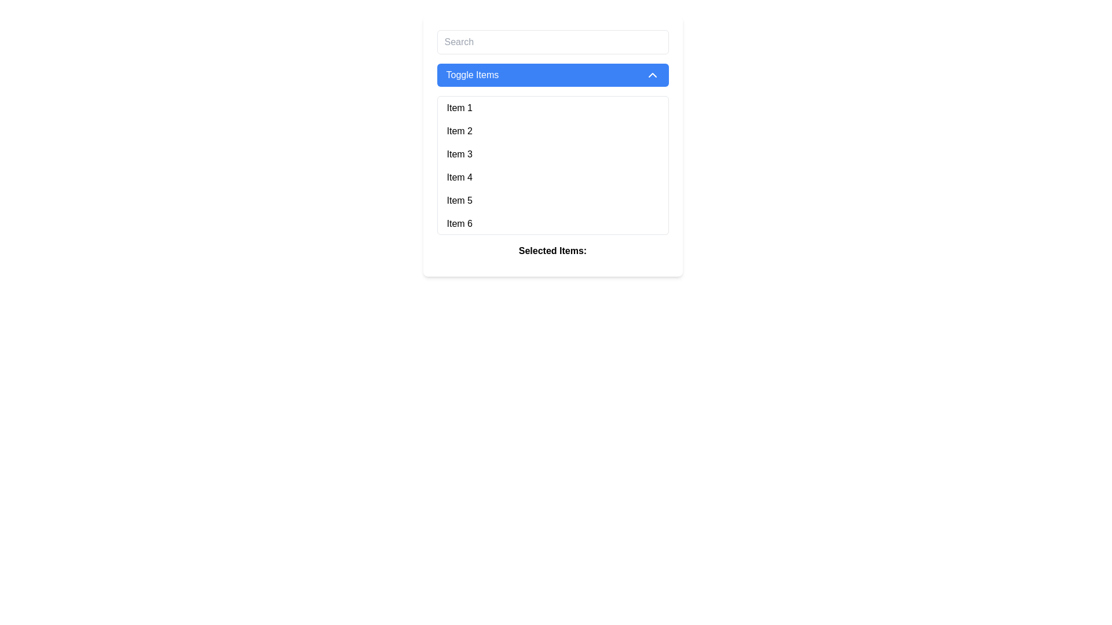  Describe the element at coordinates (552, 108) in the screenshot. I see `the first selectable list item located beneath the 'Toggle Items' button in the dropdown panel` at that location.